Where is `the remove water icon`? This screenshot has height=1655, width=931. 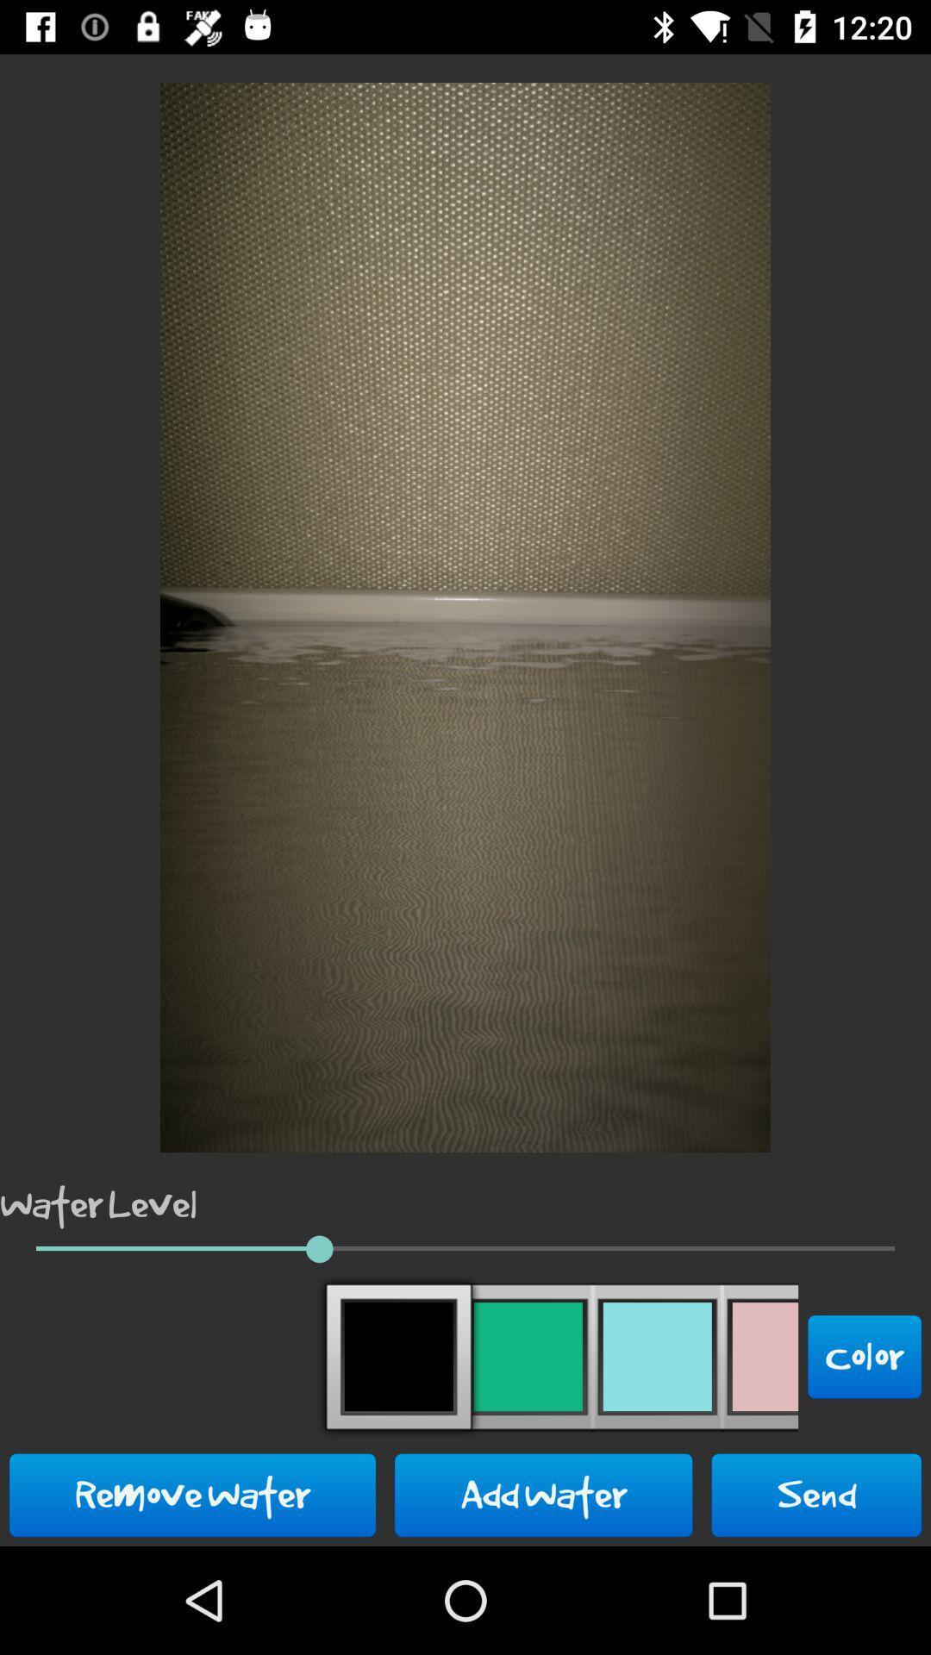 the remove water icon is located at coordinates (192, 1494).